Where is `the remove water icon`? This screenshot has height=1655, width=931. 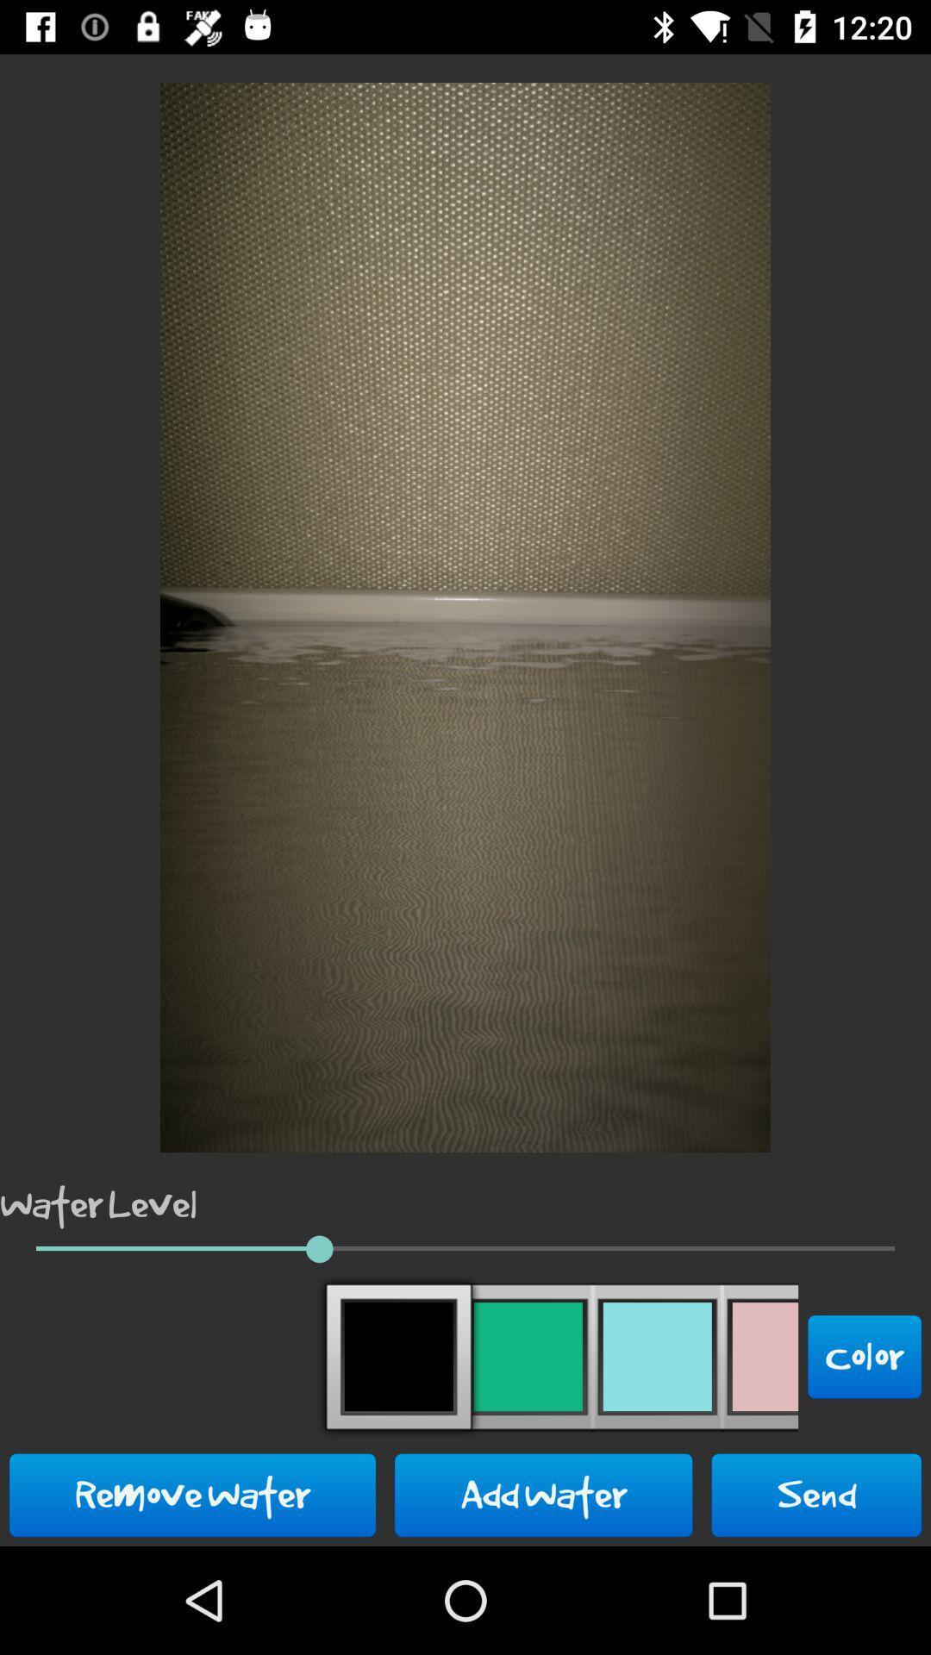 the remove water icon is located at coordinates (192, 1494).